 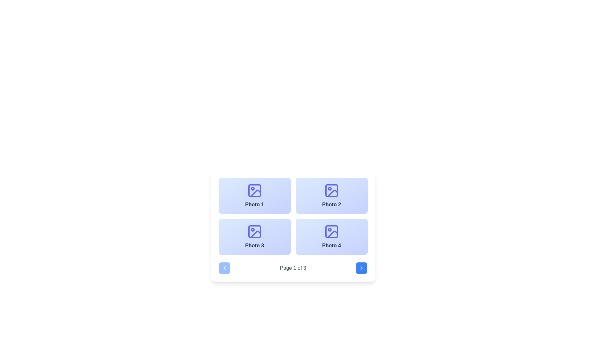 I want to click on the pagination label that provides information about the current page and total number of pages, located at the bottom center between the 'previous' and 'next' buttons, so click(x=293, y=268).